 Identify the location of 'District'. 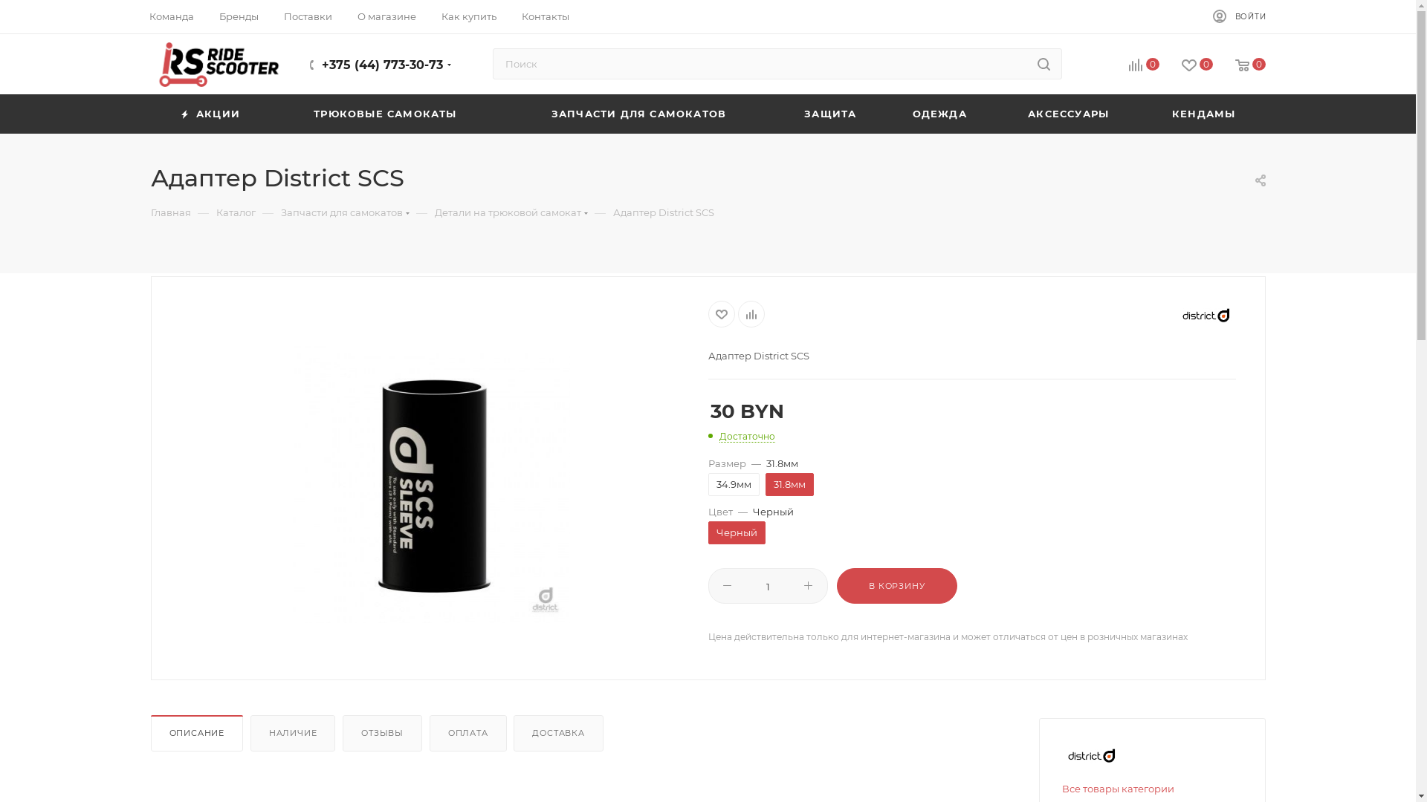
(1091, 755).